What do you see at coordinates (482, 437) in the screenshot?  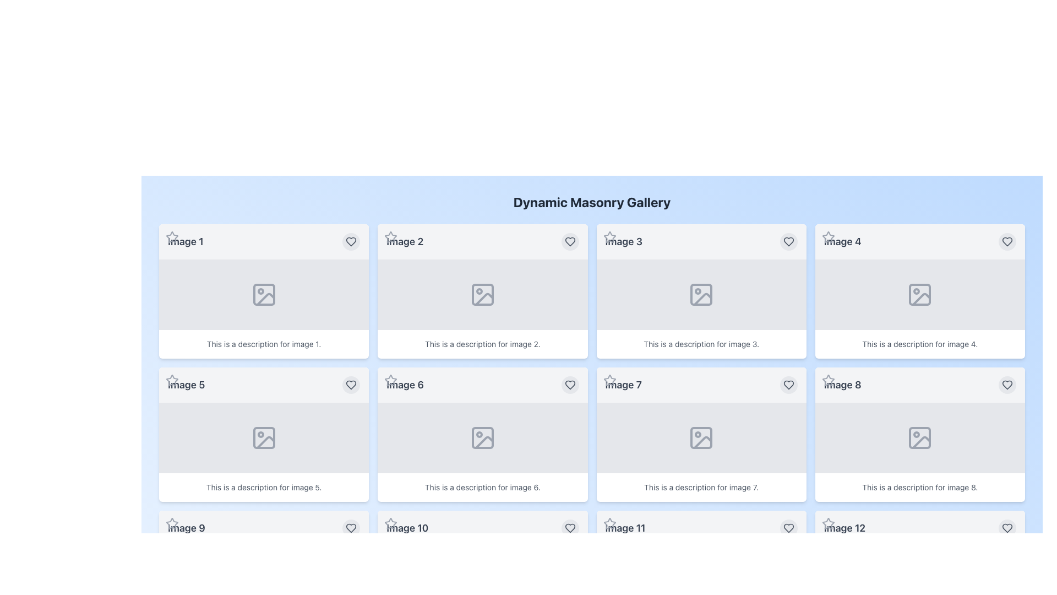 I see `the Image Placeholder located under the sixth tile labeled 'Image 6', which features a gray background and an icon resembling an image placeholder` at bounding box center [482, 437].